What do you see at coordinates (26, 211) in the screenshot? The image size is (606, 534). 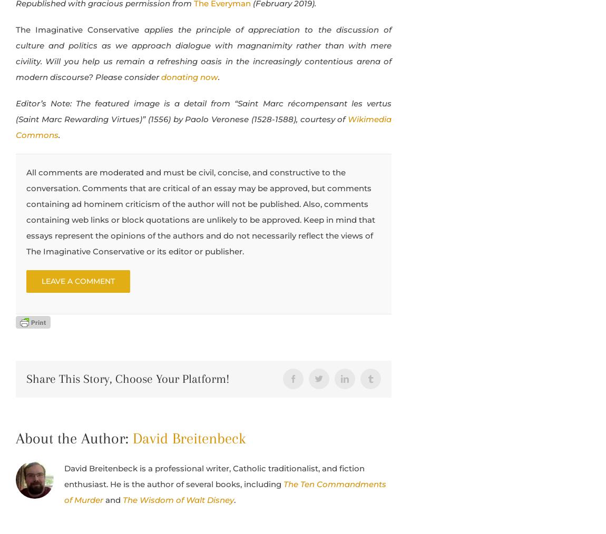 I see `'All comments are moderated and must be civil, concise, and constructive to the conversation. Comments that are critical of an essay may be approved, but comments containing ad hominem criticism of the author will not be published. Also, comments containing web links or block quotations are unlikely to be approved. Keep in mind that essays represent the opinions of the authors and do not necessarily reflect the views of The Imaginative Conservative or its editor or publisher.'` at bounding box center [26, 211].